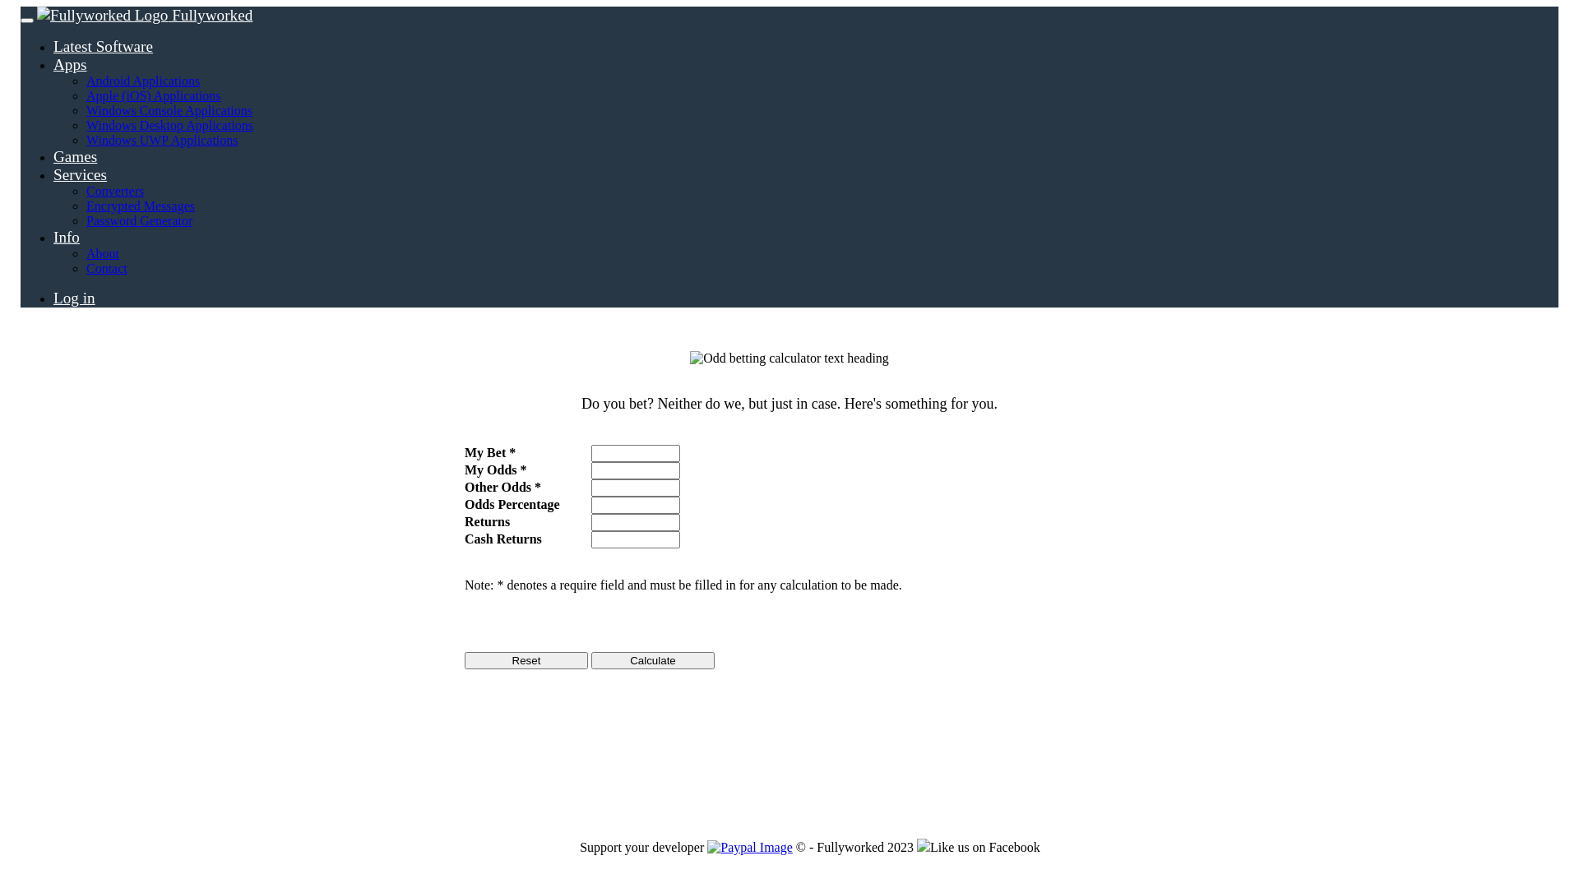 This screenshot has width=1579, height=888. What do you see at coordinates (66, 224) in the screenshot?
I see `'Info'` at bounding box center [66, 224].